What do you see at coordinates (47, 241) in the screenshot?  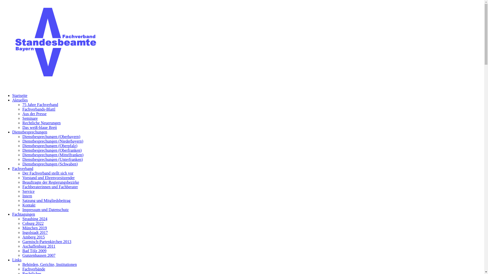 I see `'Garmisch-Partenkirchen 2013'` at bounding box center [47, 241].